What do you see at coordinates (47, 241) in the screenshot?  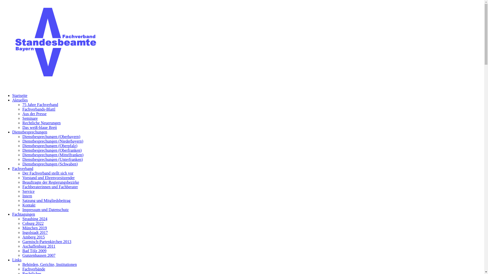 I see `'Garmisch-Partenkirchen 2013'` at bounding box center [47, 241].